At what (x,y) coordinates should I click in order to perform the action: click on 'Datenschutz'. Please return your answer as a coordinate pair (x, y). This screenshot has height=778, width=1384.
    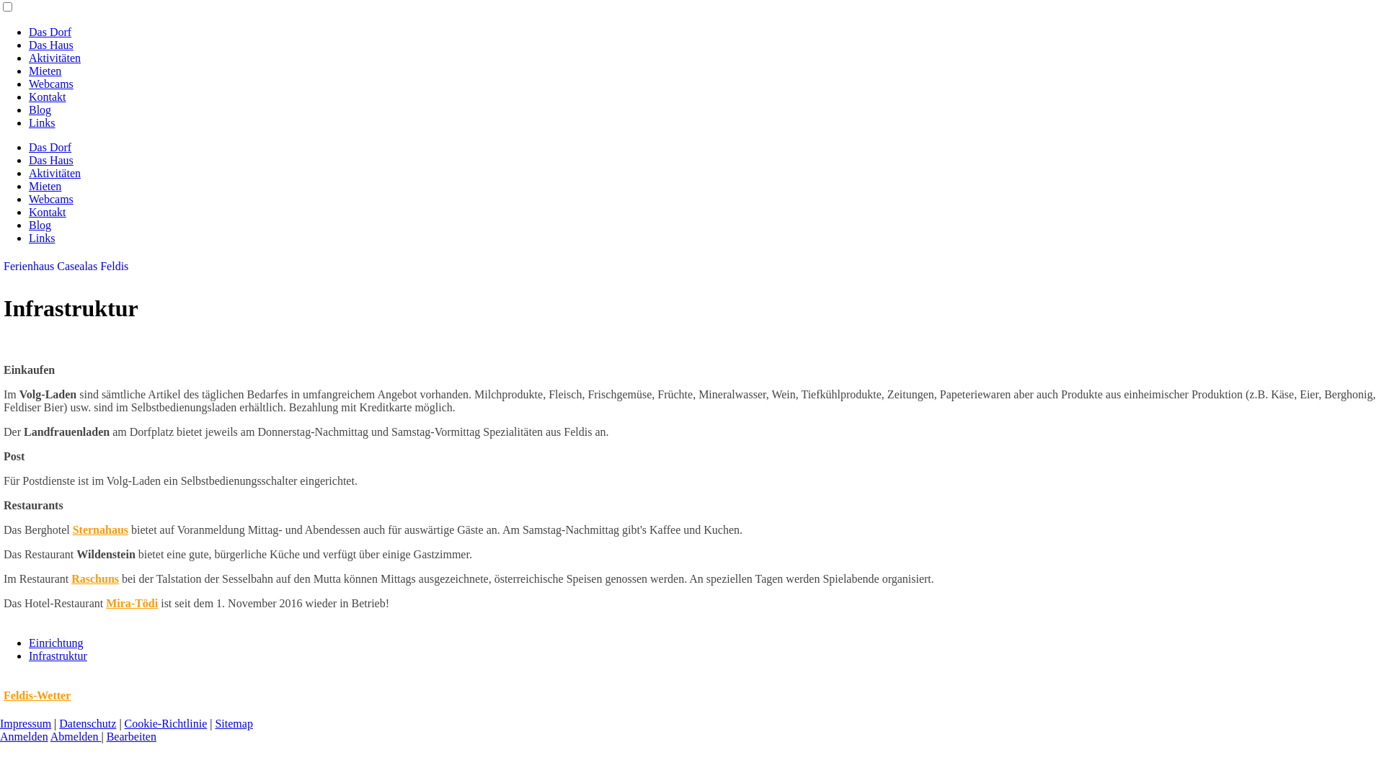
    Looking at the image, I should click on (86, 723).